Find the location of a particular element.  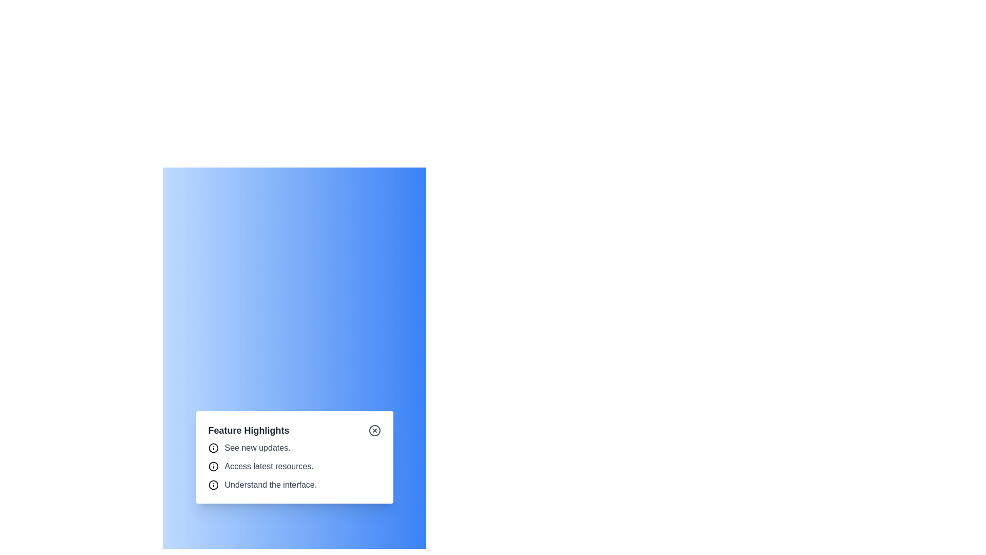

the circular, orange-filled button labeled 'Details' to trigger visual effects is located at coordinates (294, 445).